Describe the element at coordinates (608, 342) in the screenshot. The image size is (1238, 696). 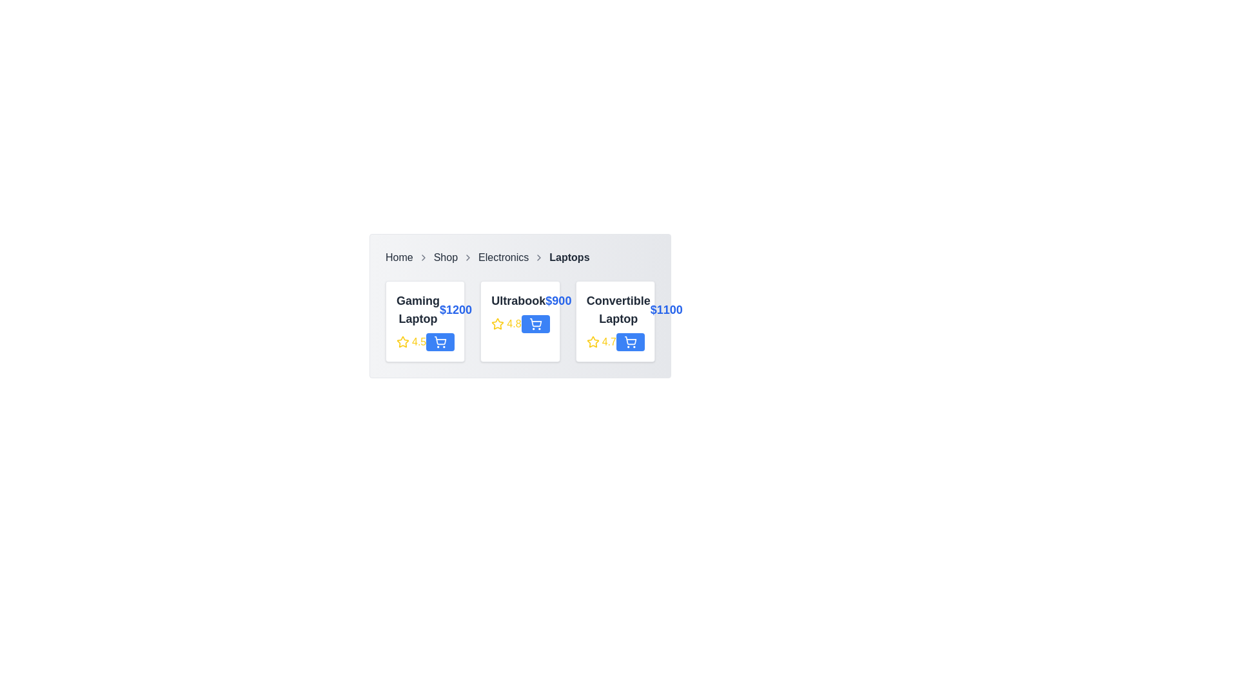
I see `the Rating Indicator displaying a numerical rating of 4.7 for the Convertible Laptop, which is located to the right of the yellow star icon` at that location.